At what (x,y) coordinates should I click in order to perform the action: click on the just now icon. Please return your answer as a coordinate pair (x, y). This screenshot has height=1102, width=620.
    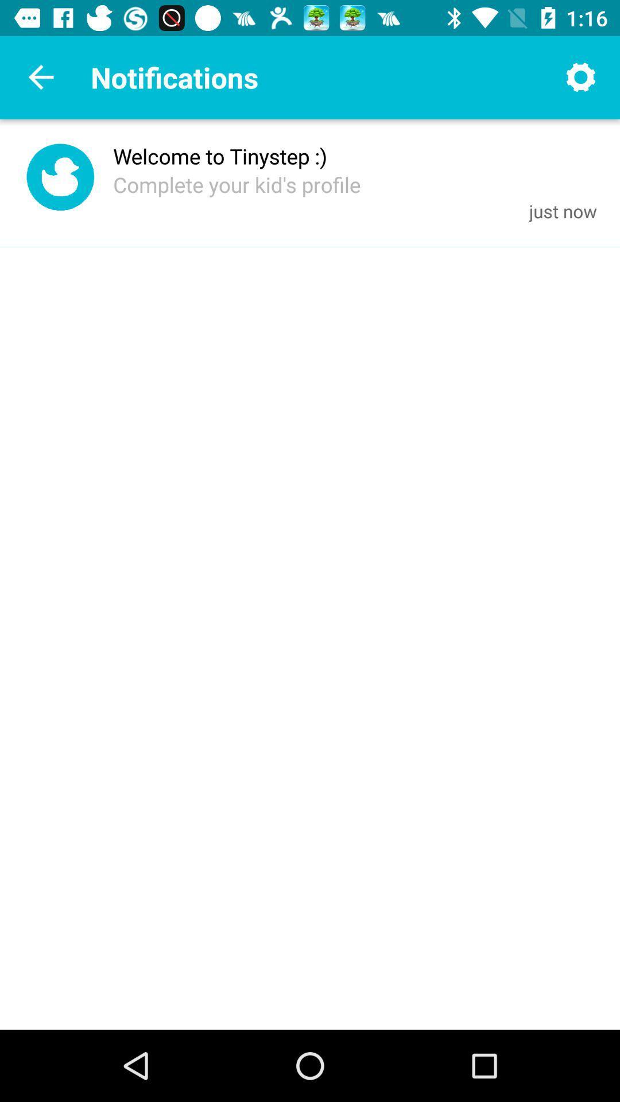
    Looking at the image, I should click on (562, 211).